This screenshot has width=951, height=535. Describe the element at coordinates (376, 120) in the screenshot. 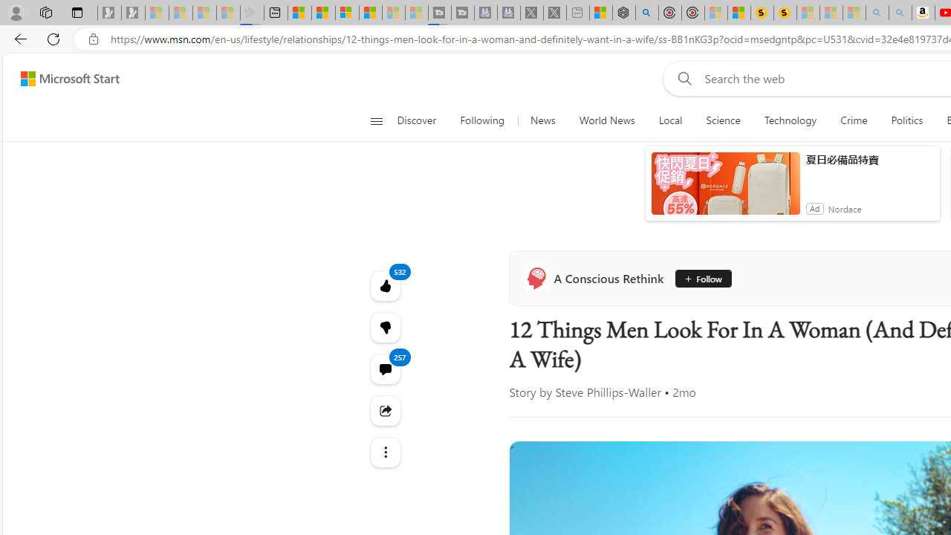

I see `'Open navigation menu'` at that location.